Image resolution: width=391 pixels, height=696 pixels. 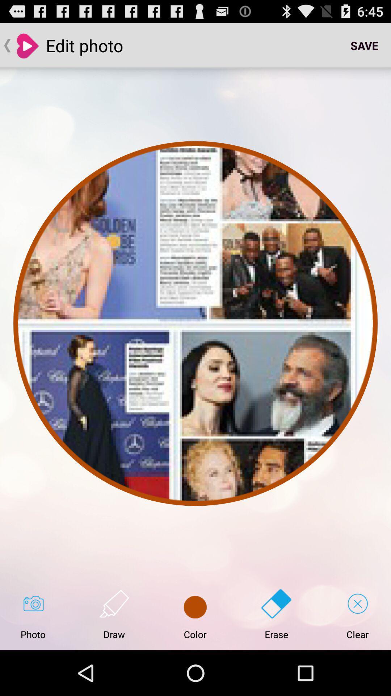 I want to click on the item at the top right corner, so click(x=364, y=45).